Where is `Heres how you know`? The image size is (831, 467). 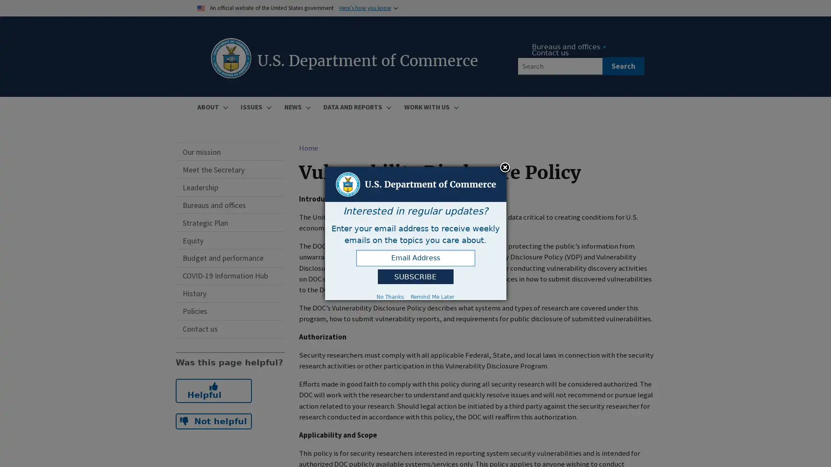 Heres how you know is located at coordinates (365, 8).